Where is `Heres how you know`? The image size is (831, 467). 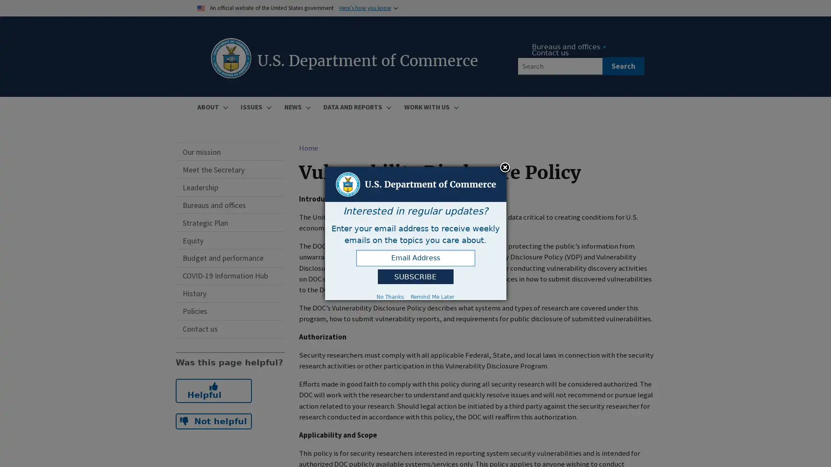 Heres how you know is located at coordinates (365, 8).